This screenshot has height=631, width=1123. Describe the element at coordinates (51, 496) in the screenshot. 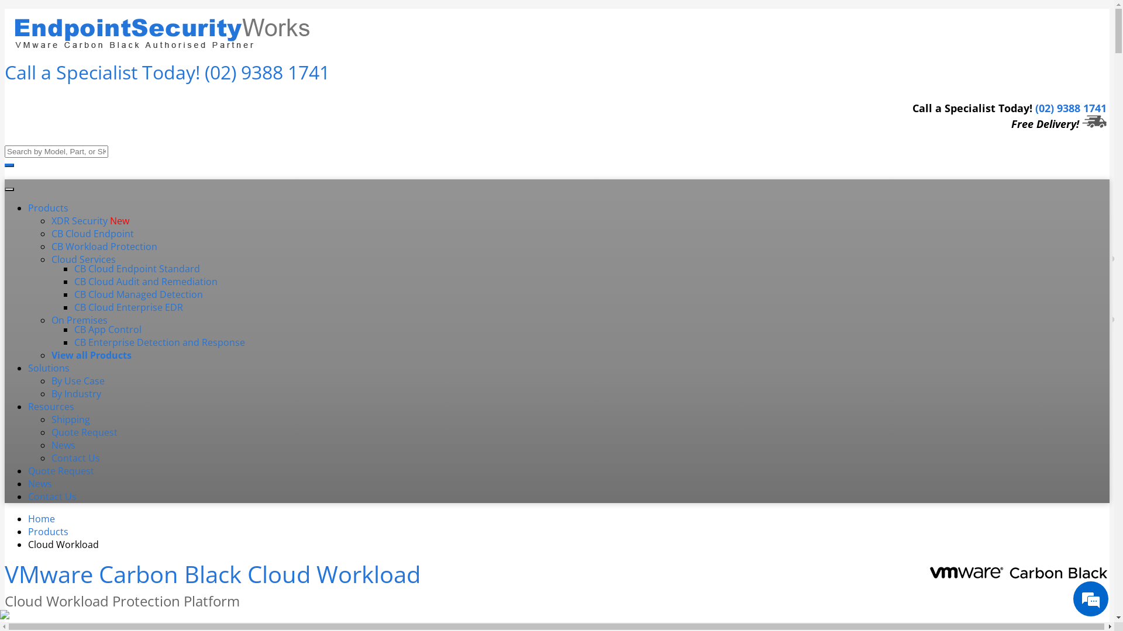

I see `'Contact Us'` at that location.